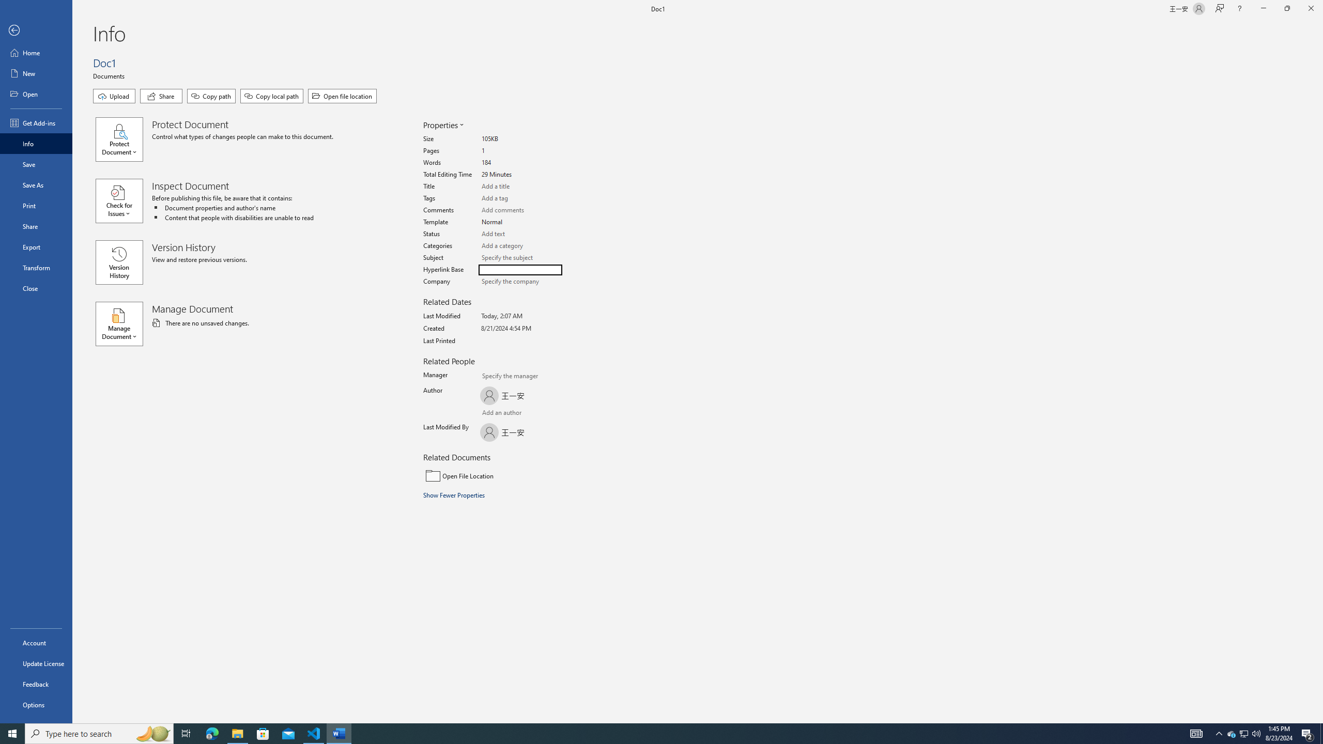 Image resolution: width=1323 pixels, height=744 pixels. Describe the element at coordinates (124, 200) in the screenshot. I see `'Check for Issues'` at that location.